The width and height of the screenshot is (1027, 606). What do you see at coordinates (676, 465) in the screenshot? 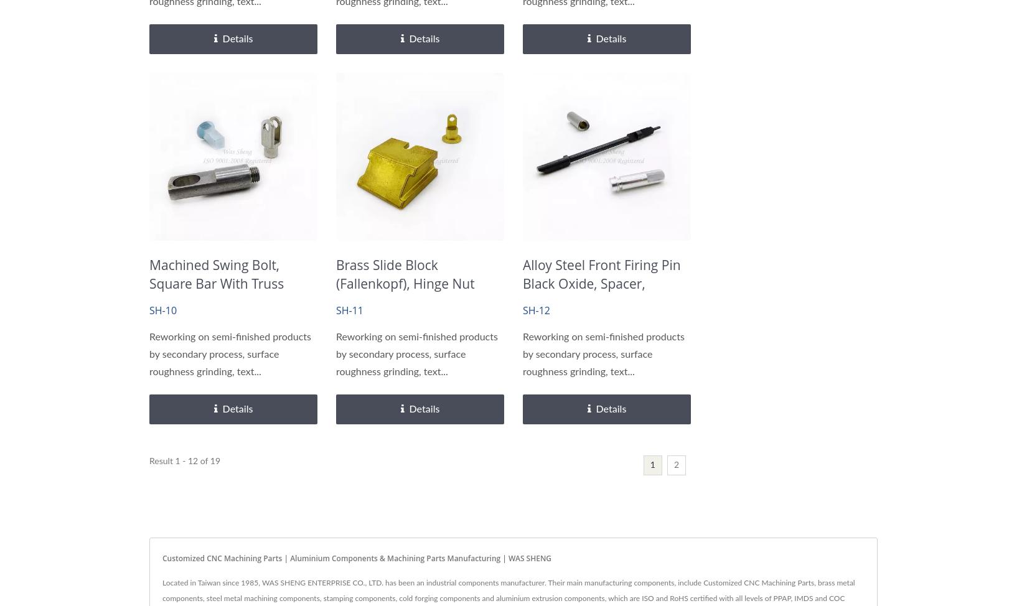
I see `'2'` at bounding box center [676, 465].